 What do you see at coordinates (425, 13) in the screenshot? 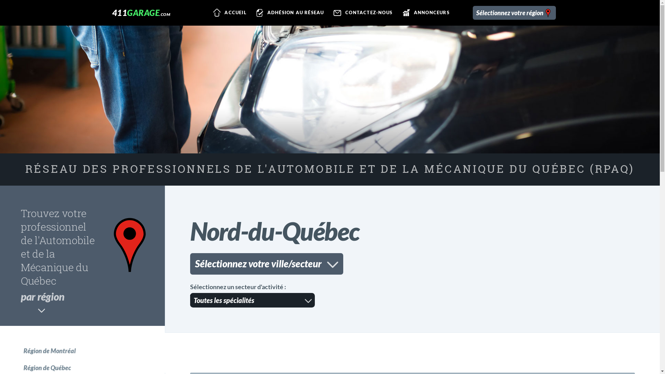
I see `'ANNONCEURS'` at bounding box center [425, 13].